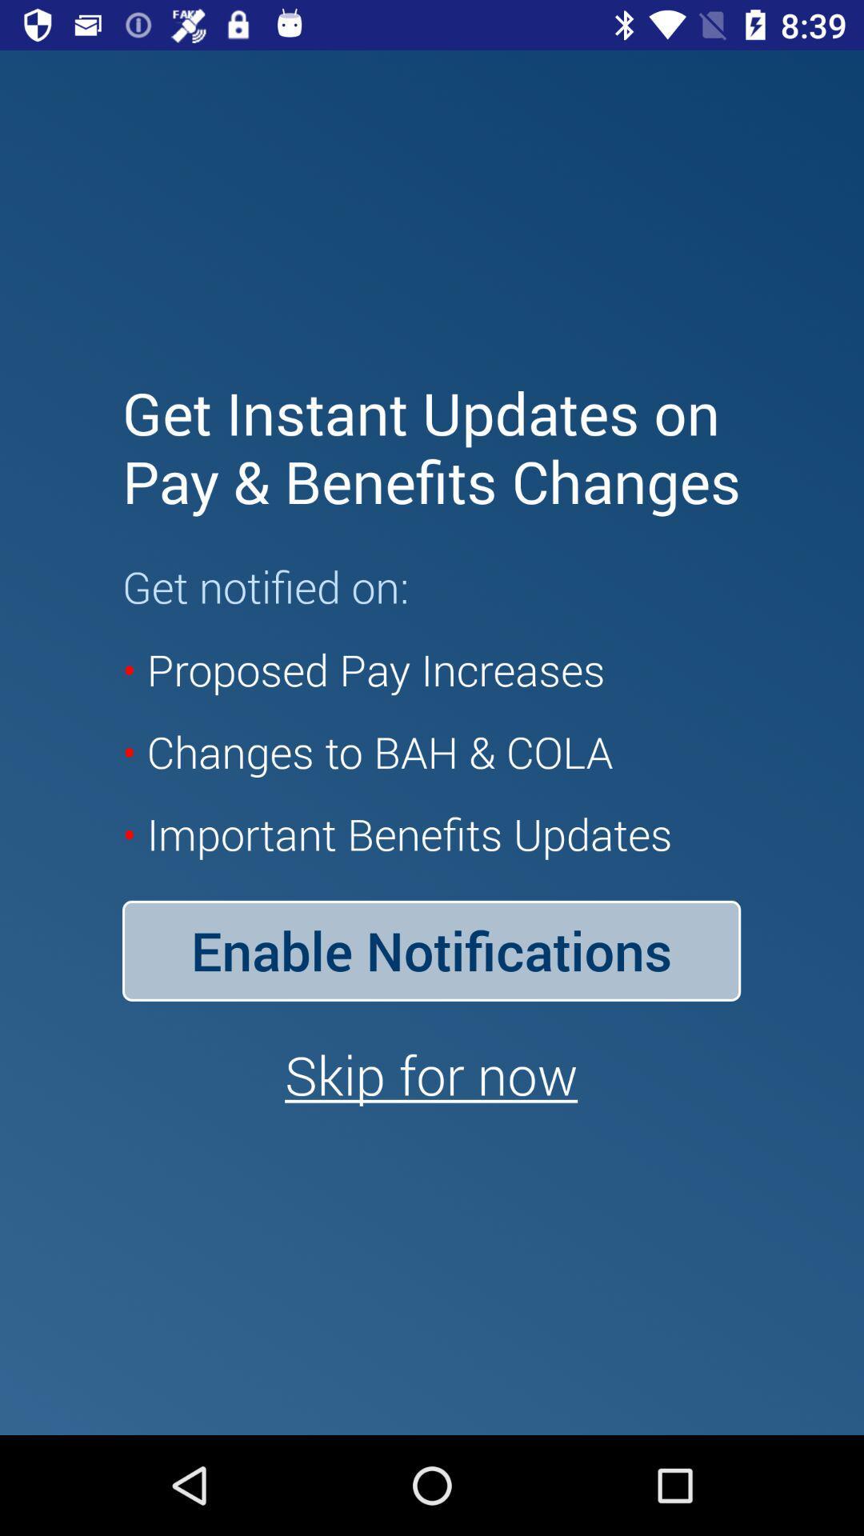 This screenshot has width=864, height=1536. Describe the element at coordinates (430, 1074) in the screenshot. I see `the icon below enable notifications item` at that location.